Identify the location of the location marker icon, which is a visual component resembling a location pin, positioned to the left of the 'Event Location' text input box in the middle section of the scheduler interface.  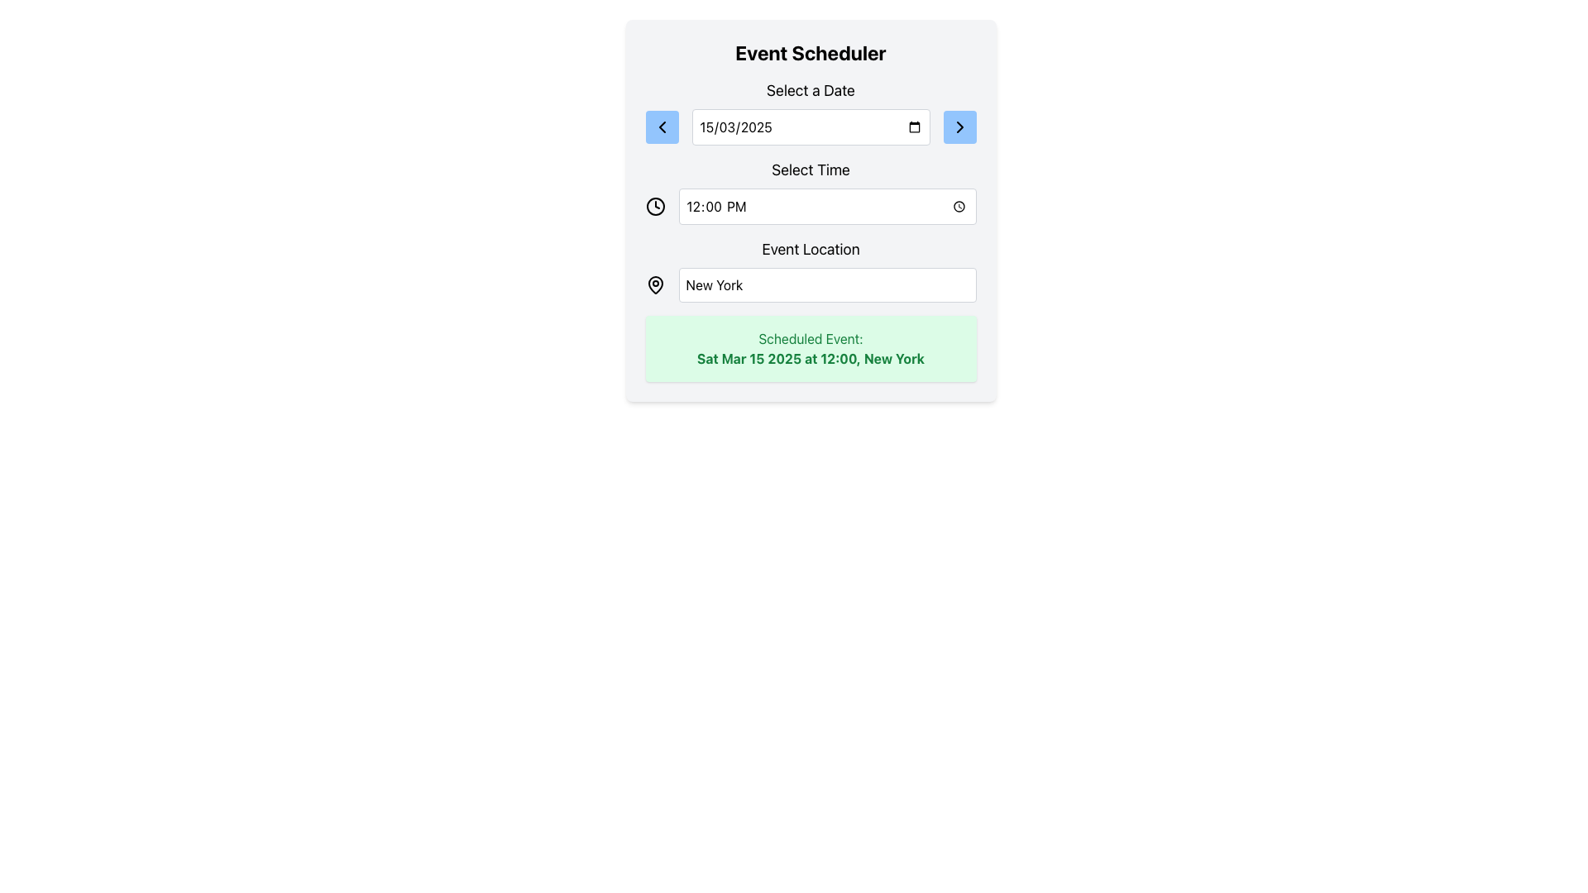
(654, 284).